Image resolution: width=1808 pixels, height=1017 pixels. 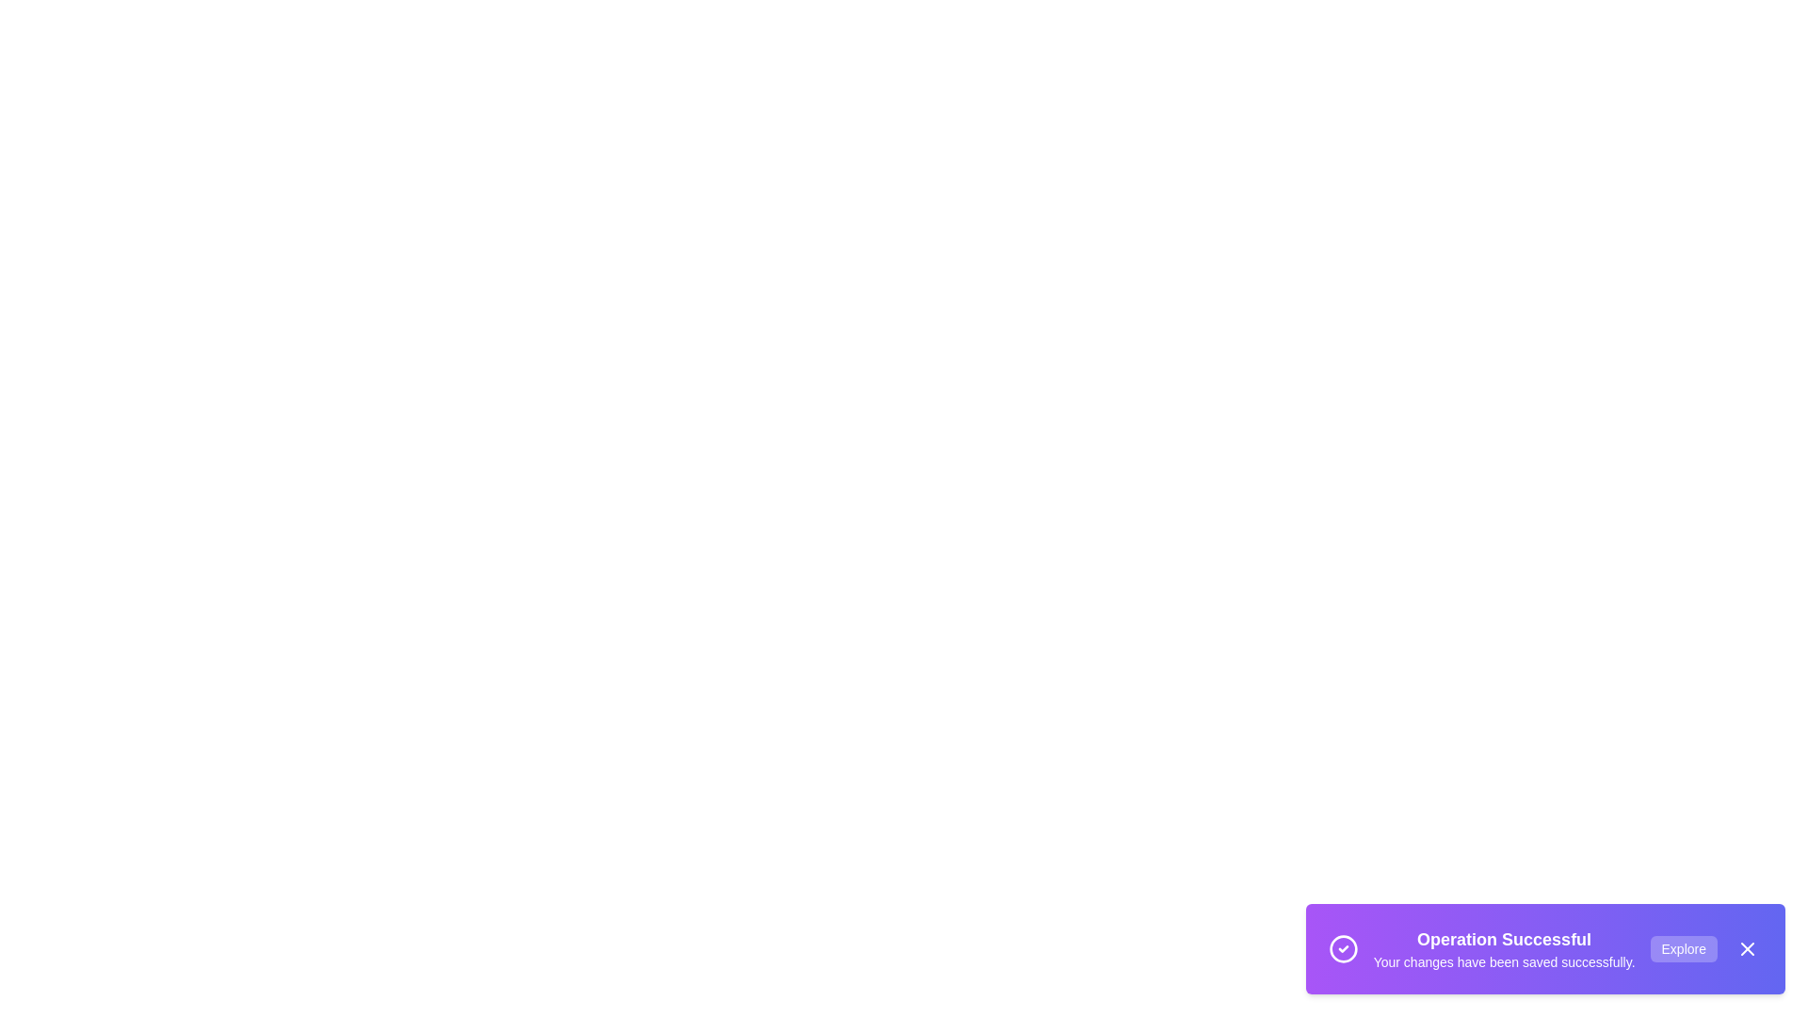 What do you see at coordinates (1747, 948) in the screenshot?
I see `the close button to dismiss the snackbar` at bounding box center [1747, 948].